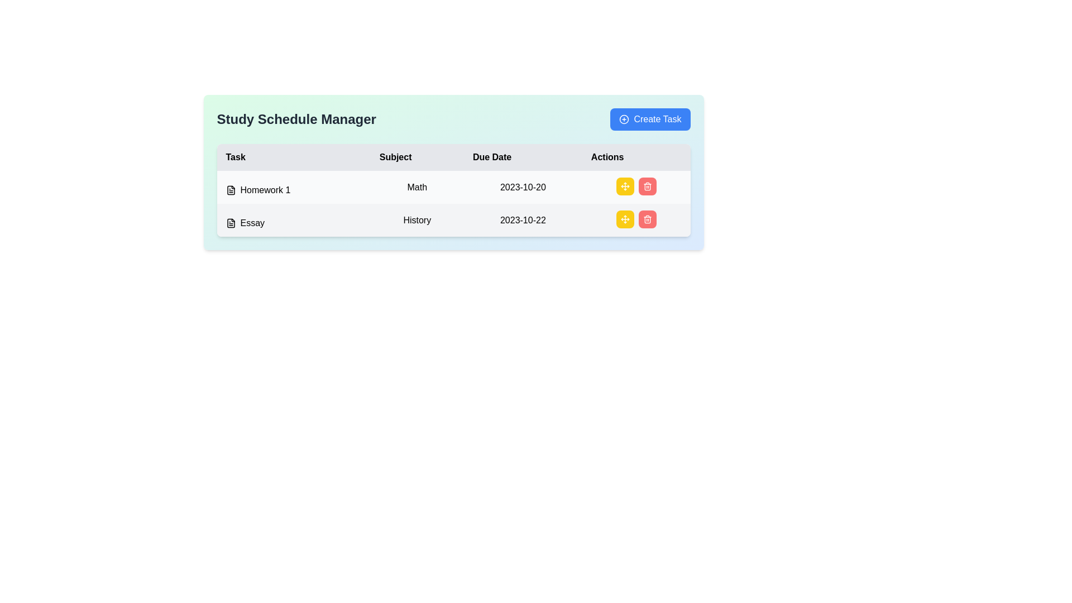 The image size is (1072, 603). I want to click on the button with a rounded yellow background representing drag functionality, located in the 'Actions' column, second row for the task 'Essay', so click(624, 219).